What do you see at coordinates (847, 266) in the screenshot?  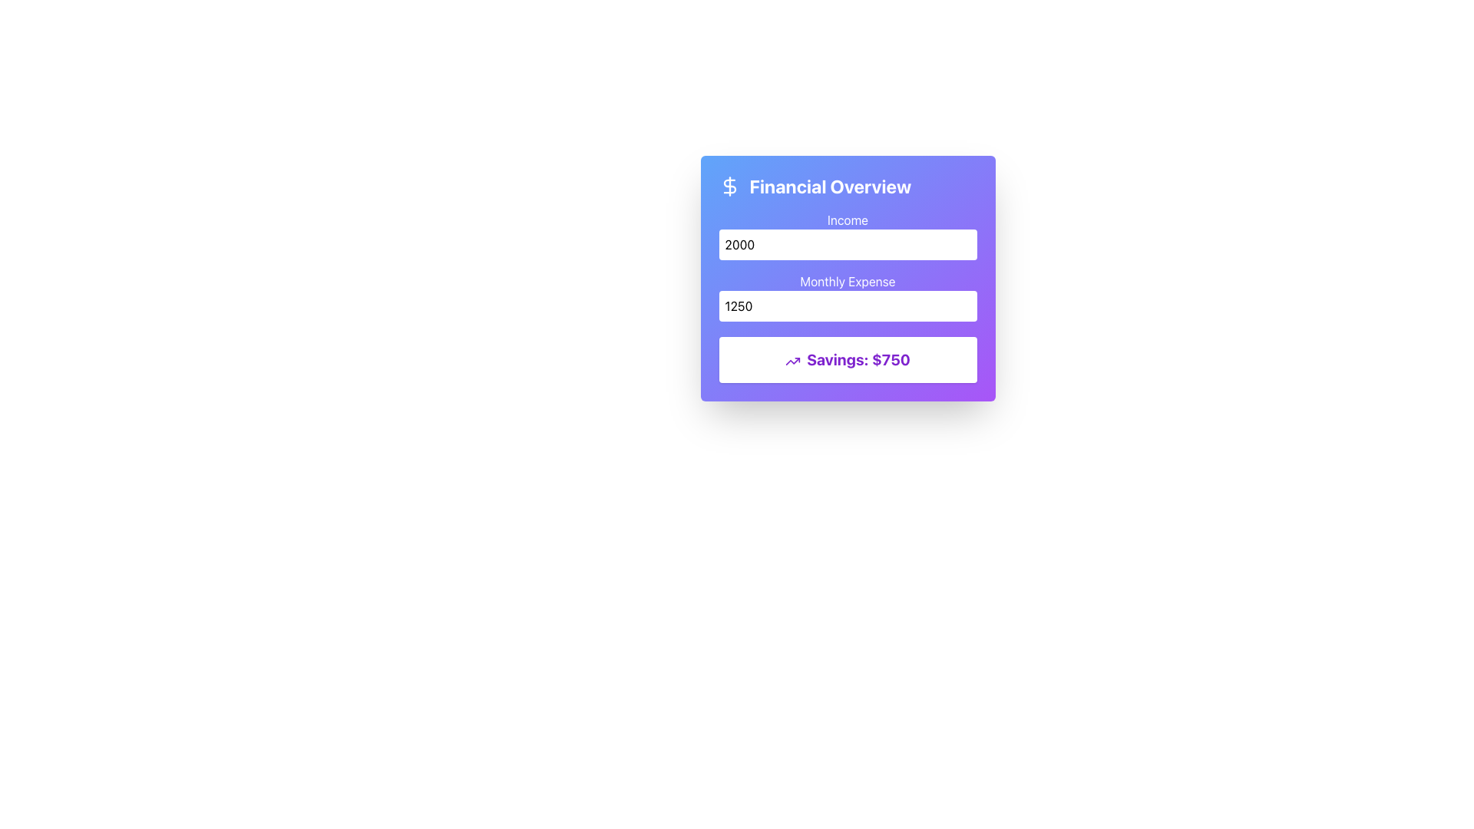 I see `the input fields in the Input Form Section` at bounding box center [847, 266].